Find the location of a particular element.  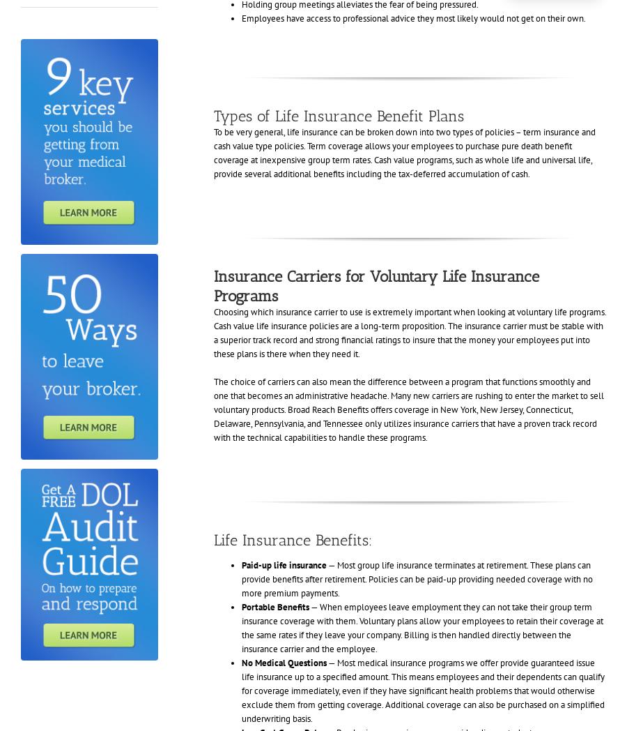

'— Most medical insurance programs we offer provide guaranteed issue life insurance up to a specified amount. This means employees and their dependents can qualify for coverage immediately, even if they have significant health problems that would otherwise exclude them from getting coverage. Additional coverage can also be purchased on a simplified underwriting basis.' is located at coordinates (240, 689).